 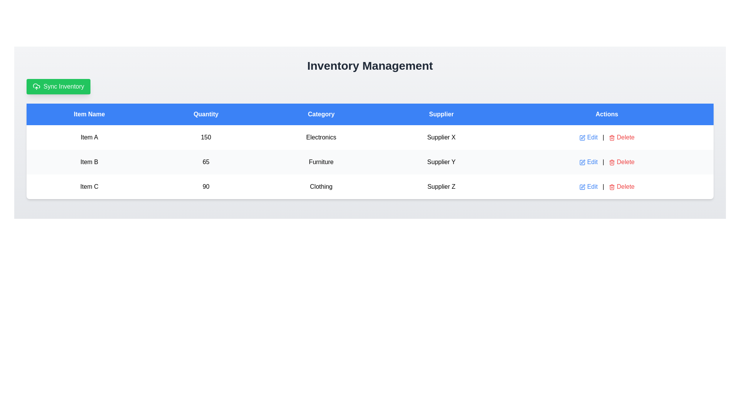 I want to click on the static text in the third column of the first data row that indicates the category of 'Item A', located between '150' and 'Supplier X', so click(x=321, y=137).